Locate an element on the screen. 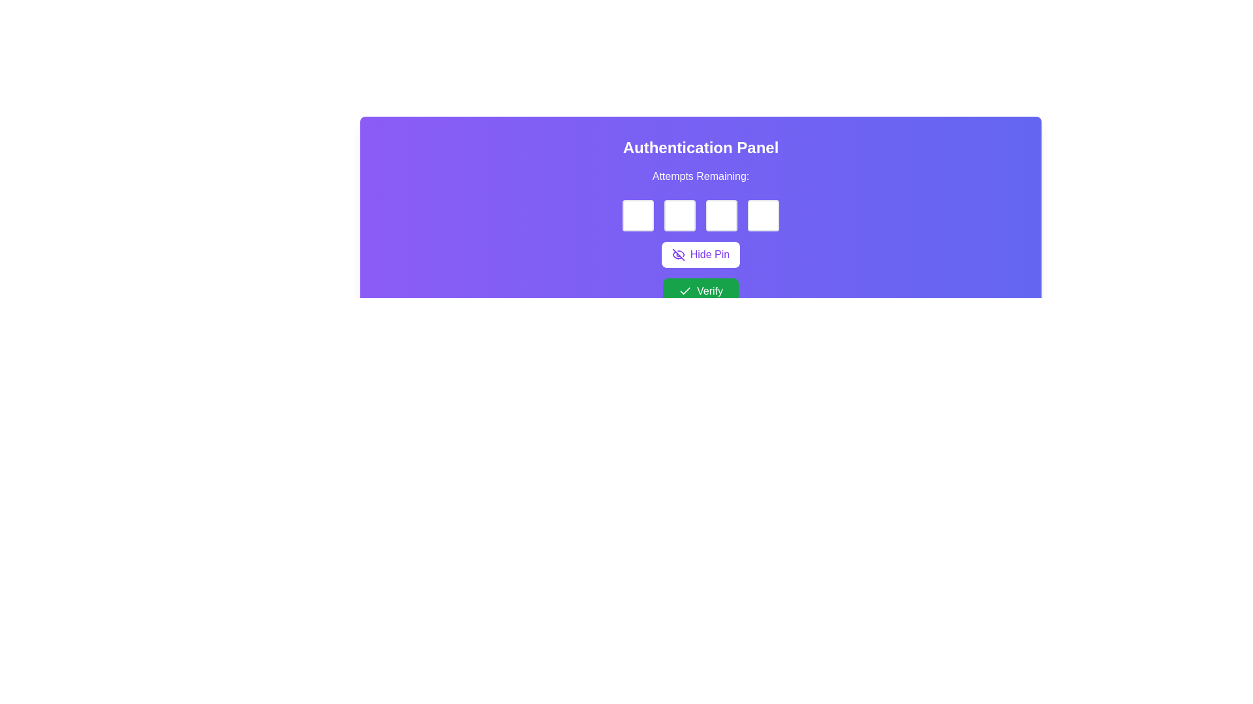 This screenshot has height=704, width=1253. the static text label that indicates the remaining attempts for the associated action, located directly beneath the 'Authentication Panel' heading is located at coordinates (700, 176).